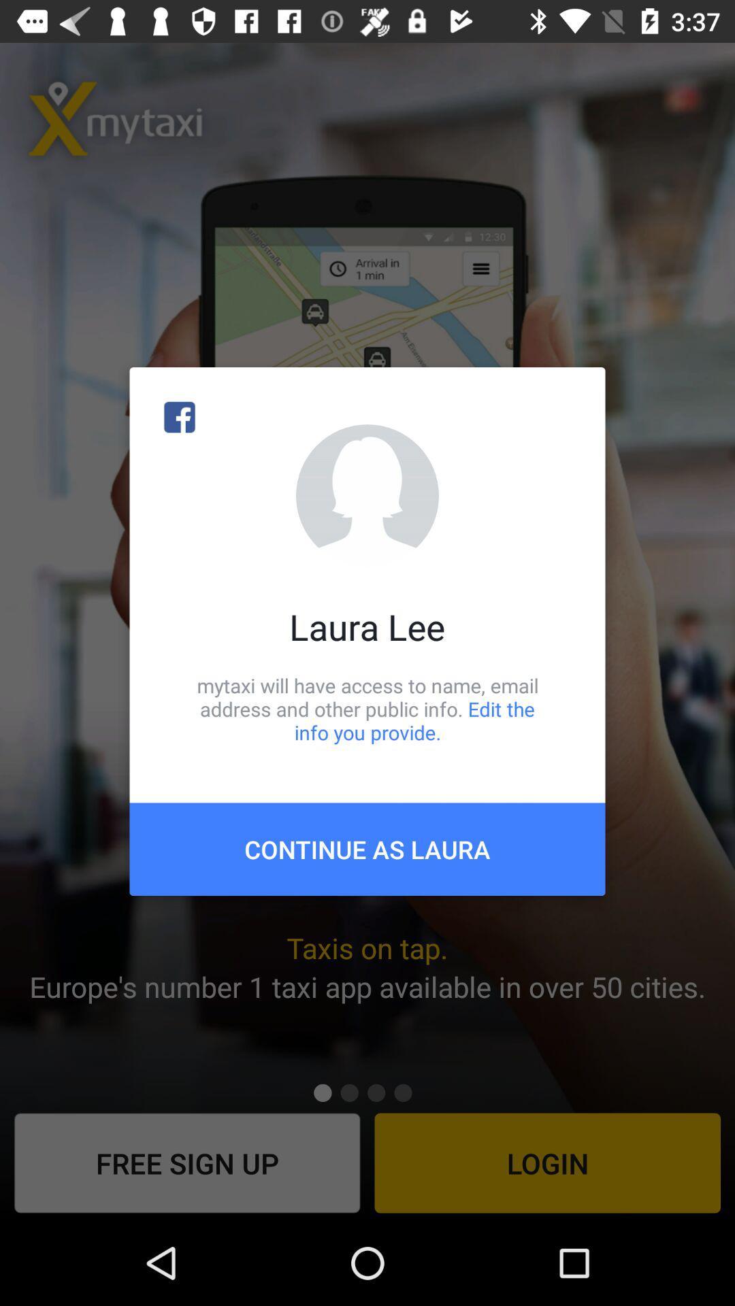  Describe the element at coordinates (367, 848) in the screenshot. I see `icon below the mytaxi will have item` at that location.